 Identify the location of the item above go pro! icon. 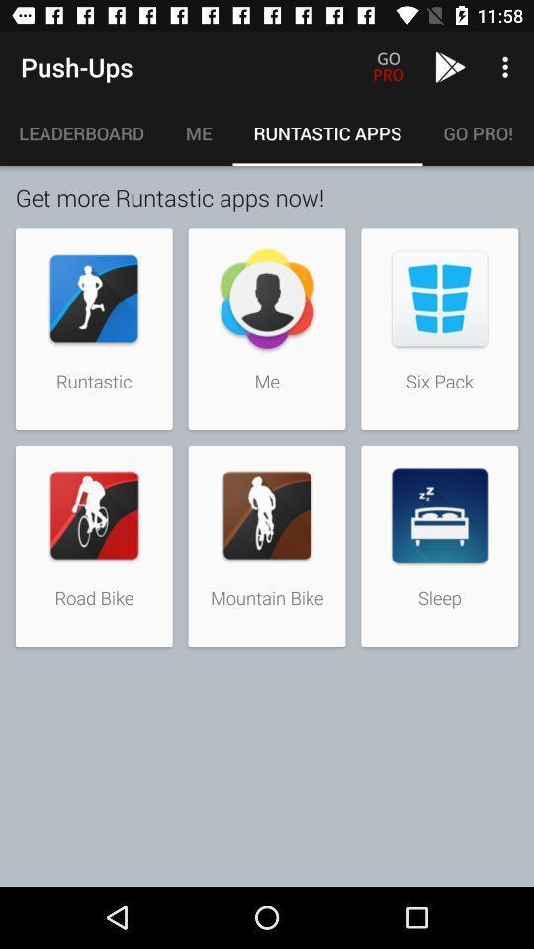
(507, 67).